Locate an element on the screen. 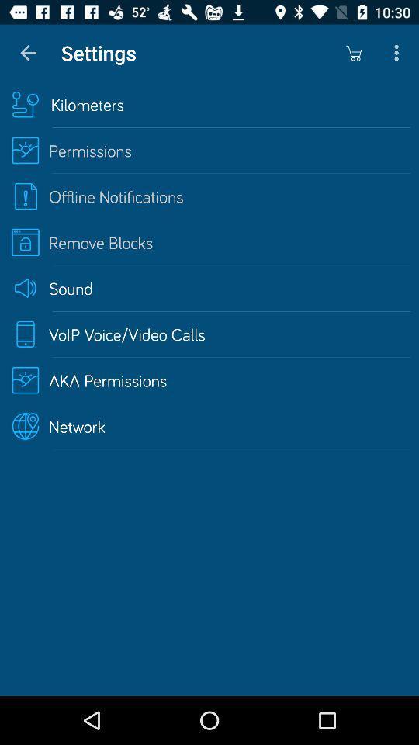 This screenshot has height=745, width=419. icon above the kilometers is located at coordinates (28, 53).